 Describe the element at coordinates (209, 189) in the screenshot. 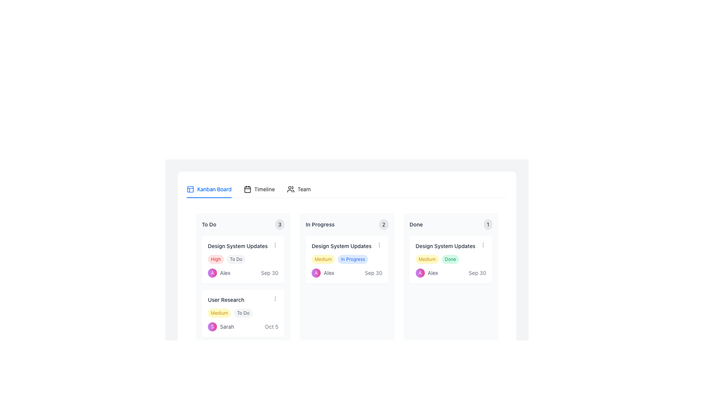

I see `the 'Kanban Board' tab located at the top of the work interface` at that location.